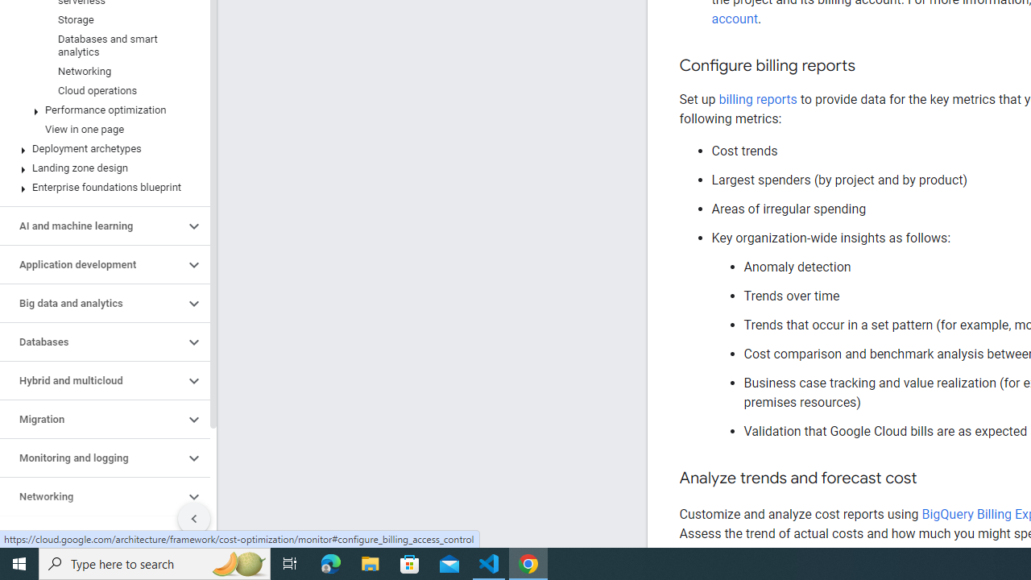 This screenshot has height=580, width=1031. Describe the element at coordinates (91, 458) in the screenshot. I see `'Monitoring and logging'` at that location.